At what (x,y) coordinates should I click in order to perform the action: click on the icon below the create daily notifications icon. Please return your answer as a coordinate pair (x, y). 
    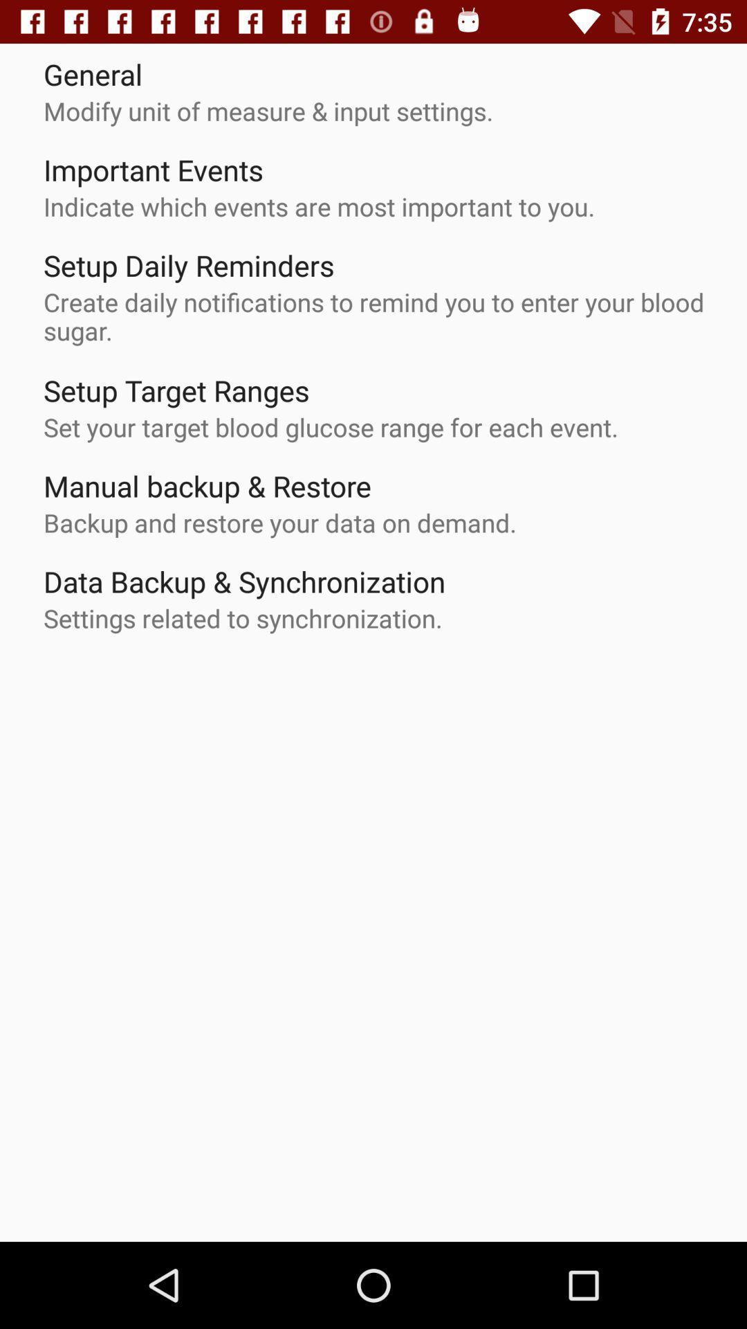
    Looking at the image, I should click on (176, 390).